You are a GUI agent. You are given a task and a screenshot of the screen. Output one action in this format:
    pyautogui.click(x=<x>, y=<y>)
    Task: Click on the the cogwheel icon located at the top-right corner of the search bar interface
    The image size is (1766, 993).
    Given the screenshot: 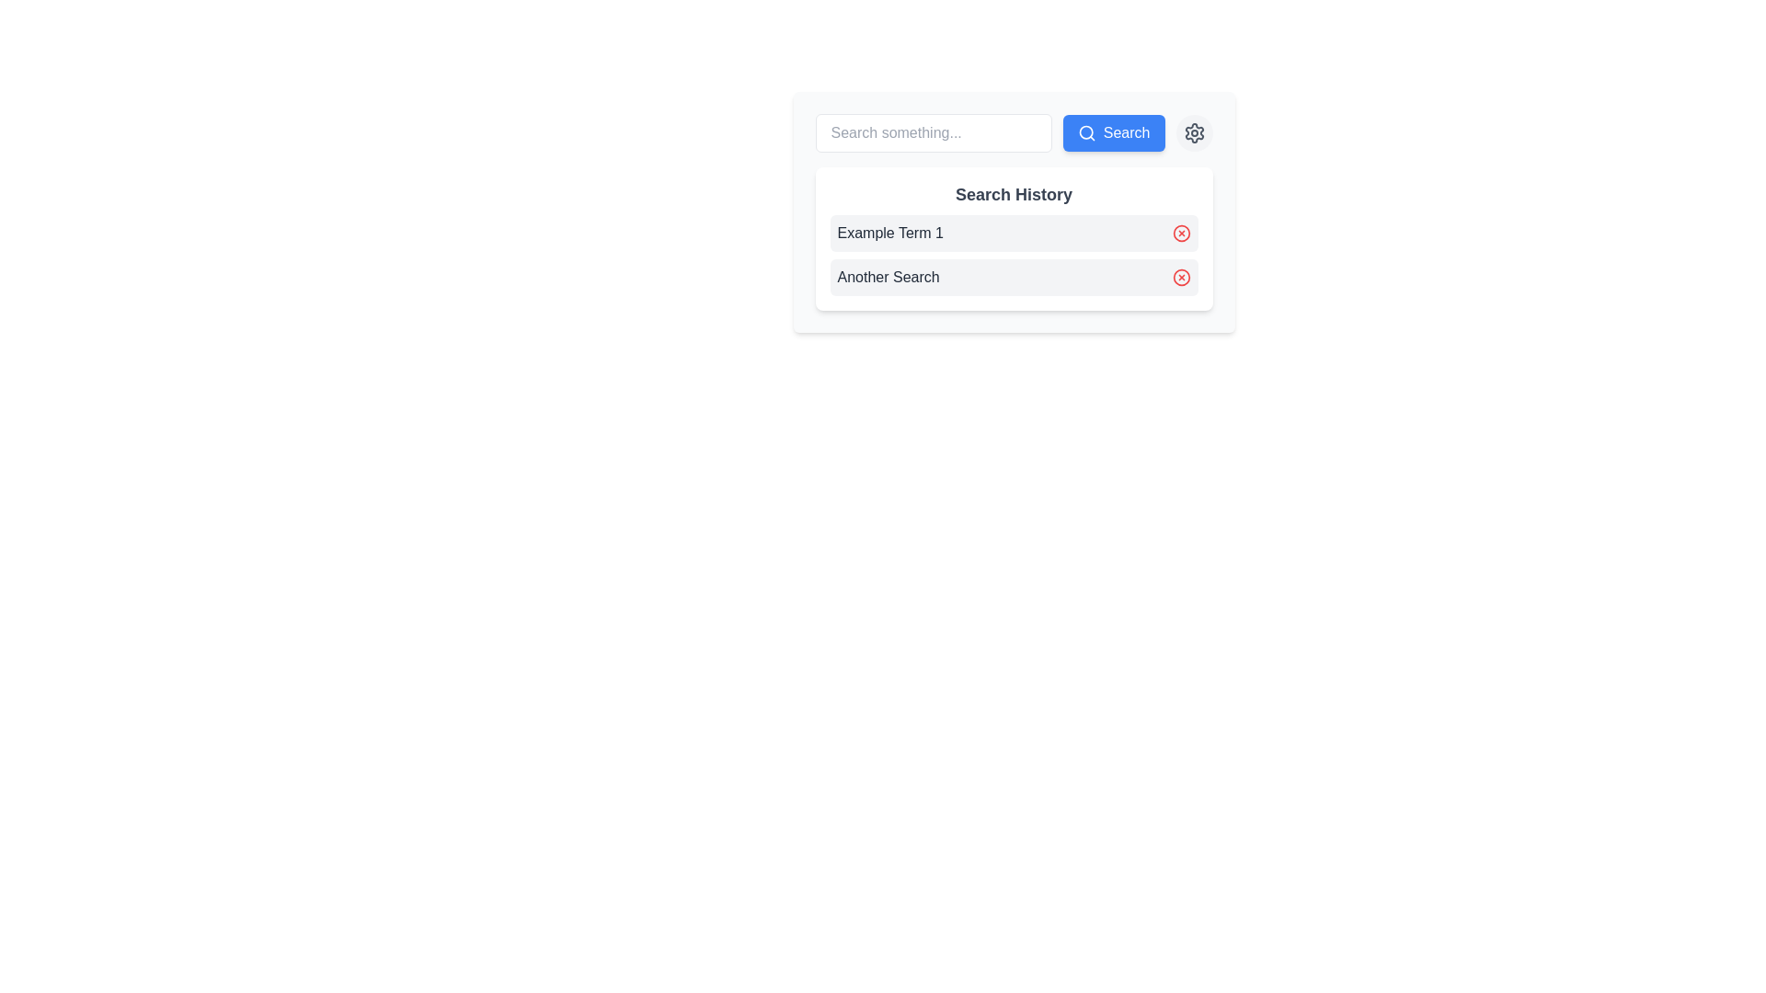 What is the action you would take?
    pyautogui.click(x=1194, y=132)
    